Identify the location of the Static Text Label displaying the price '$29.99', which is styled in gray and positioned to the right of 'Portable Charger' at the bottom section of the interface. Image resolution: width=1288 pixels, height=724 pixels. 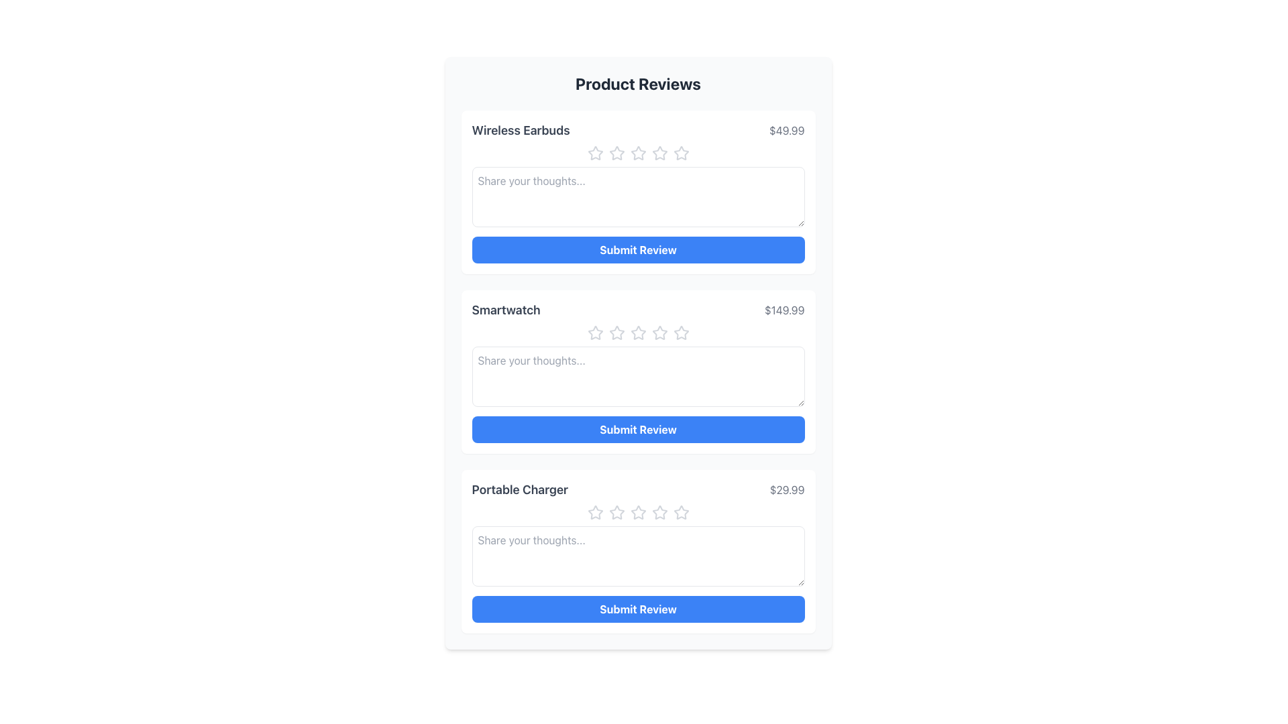
(787, 490).